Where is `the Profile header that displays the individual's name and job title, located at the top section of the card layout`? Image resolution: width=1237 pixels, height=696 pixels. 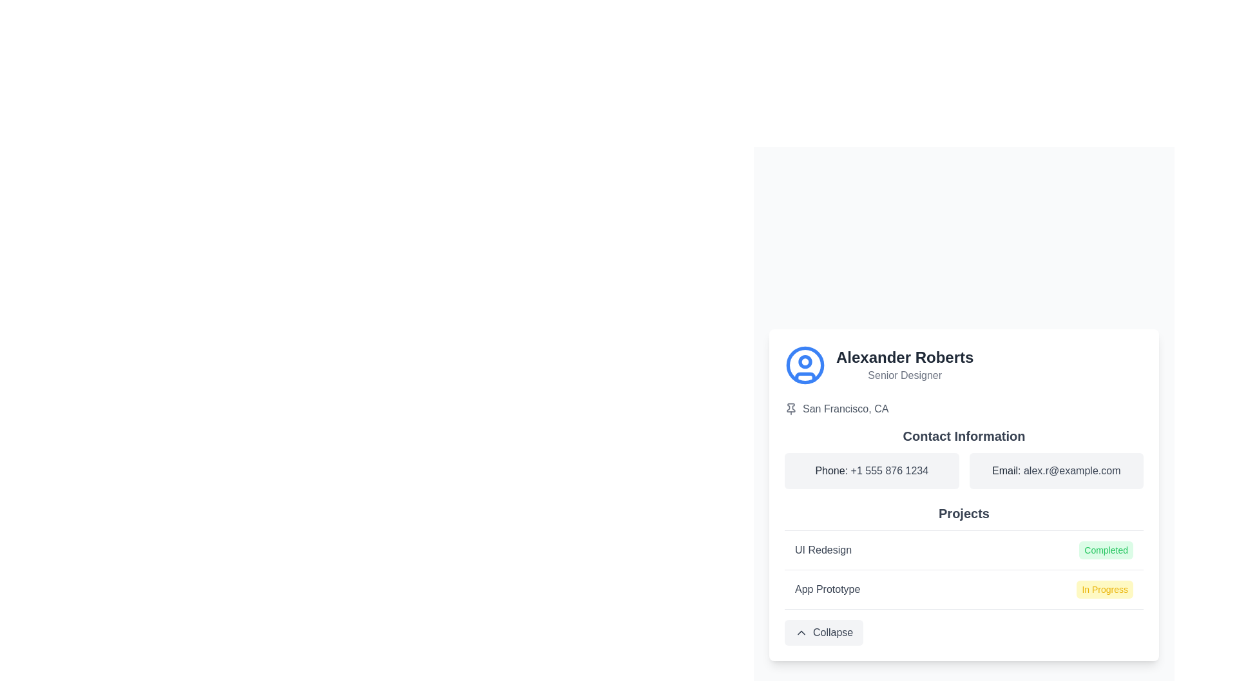 the Profile header that displays the individual's name and job title, located at the top section of the card layout is located at coordinates (964, 365).